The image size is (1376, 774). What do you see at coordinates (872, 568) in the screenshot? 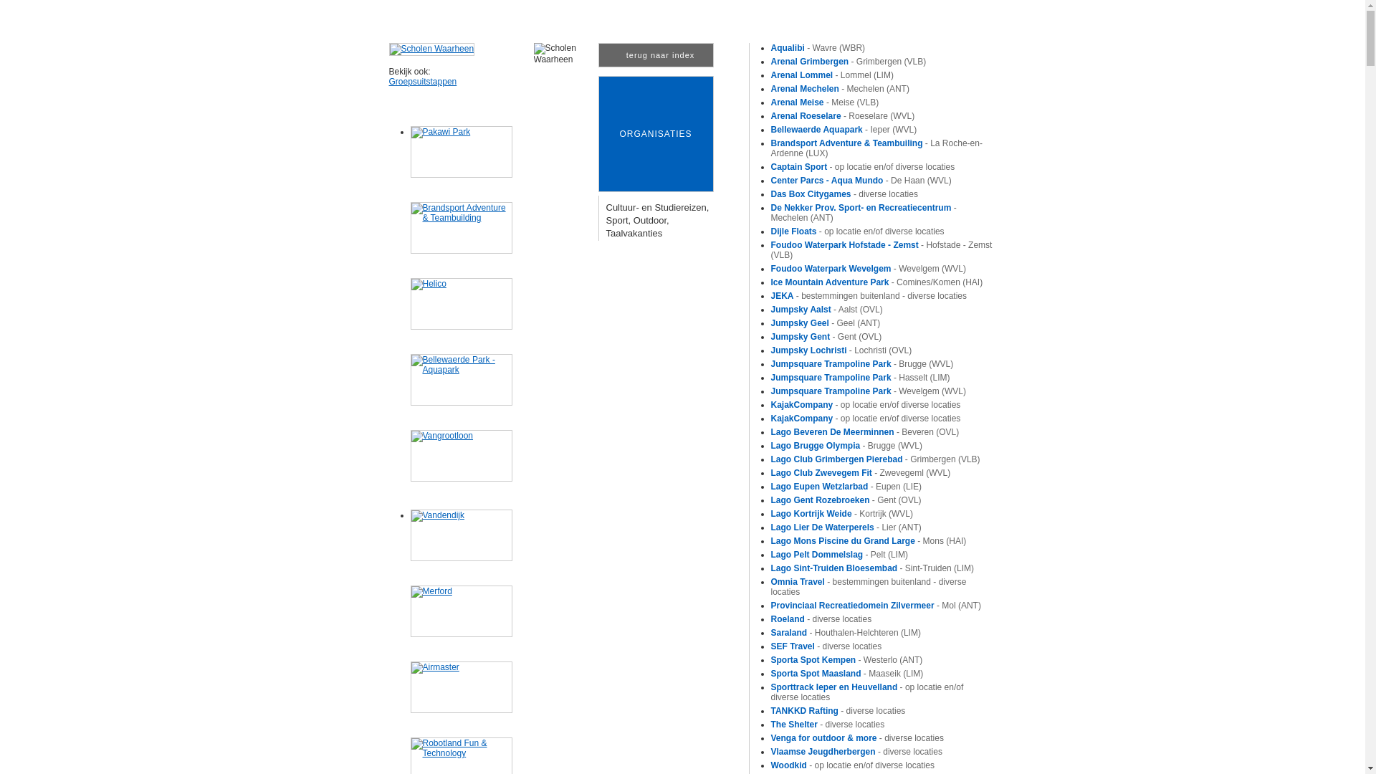
I see `'Lago Sint-Truiden Bloesembad - Sint-Truiden (LIM)'` at bounding box center [872, 568].